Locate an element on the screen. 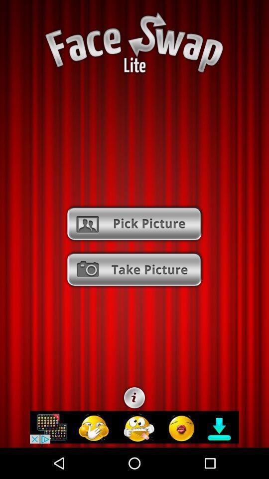  the option is located at coordinates (134, 224).